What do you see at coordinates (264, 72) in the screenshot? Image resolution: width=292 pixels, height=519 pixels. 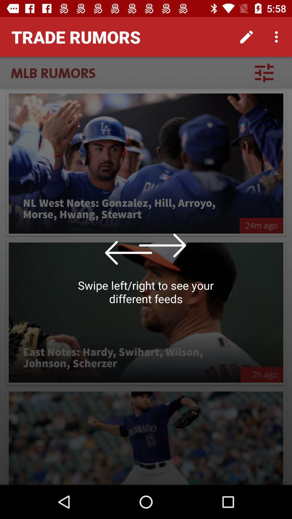 I see `the item next to the mlb rumors icon` at bounding box center [264, 72].